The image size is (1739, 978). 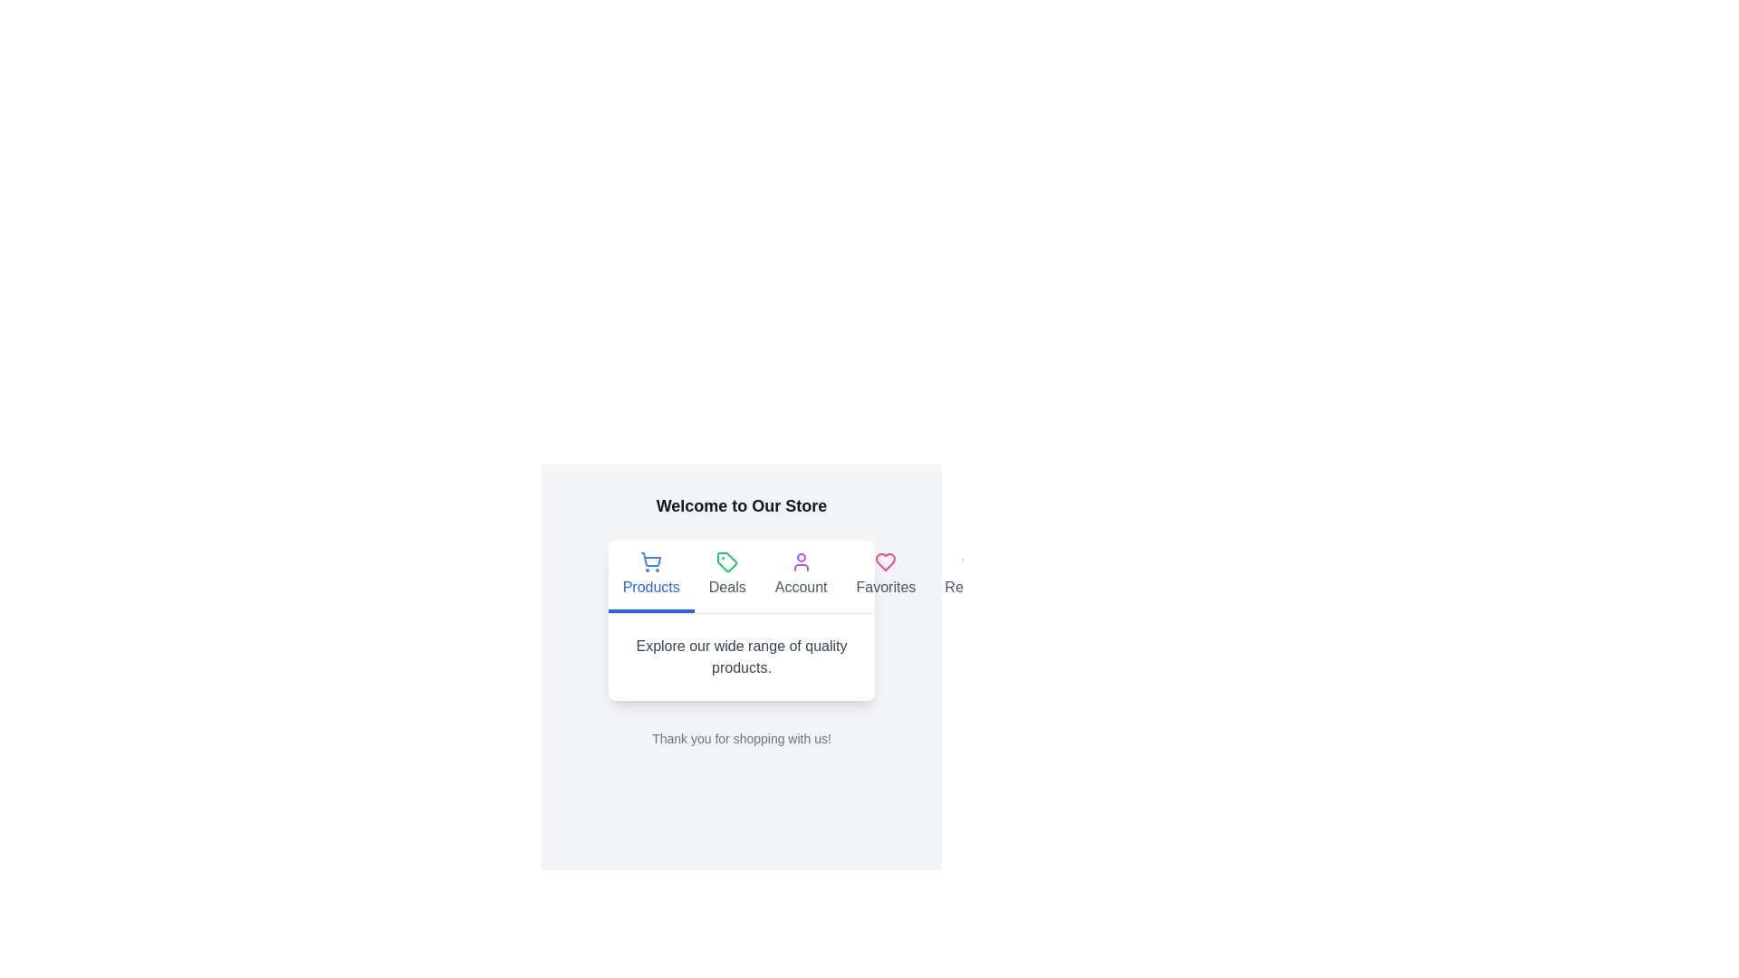 I want to click on the fourth navigation link, so click(x=886, y=575).